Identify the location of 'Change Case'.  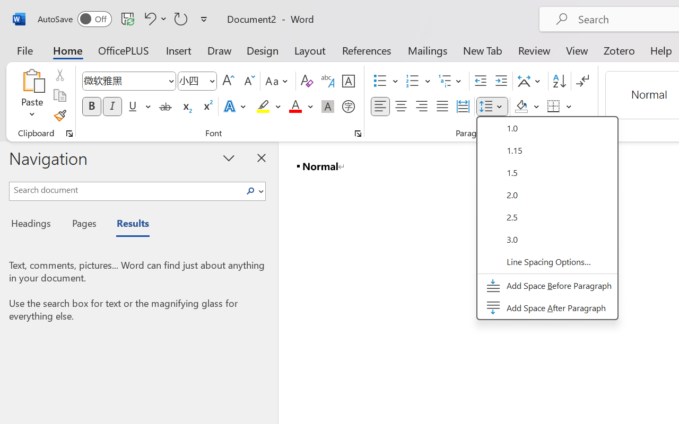
(278, 81).